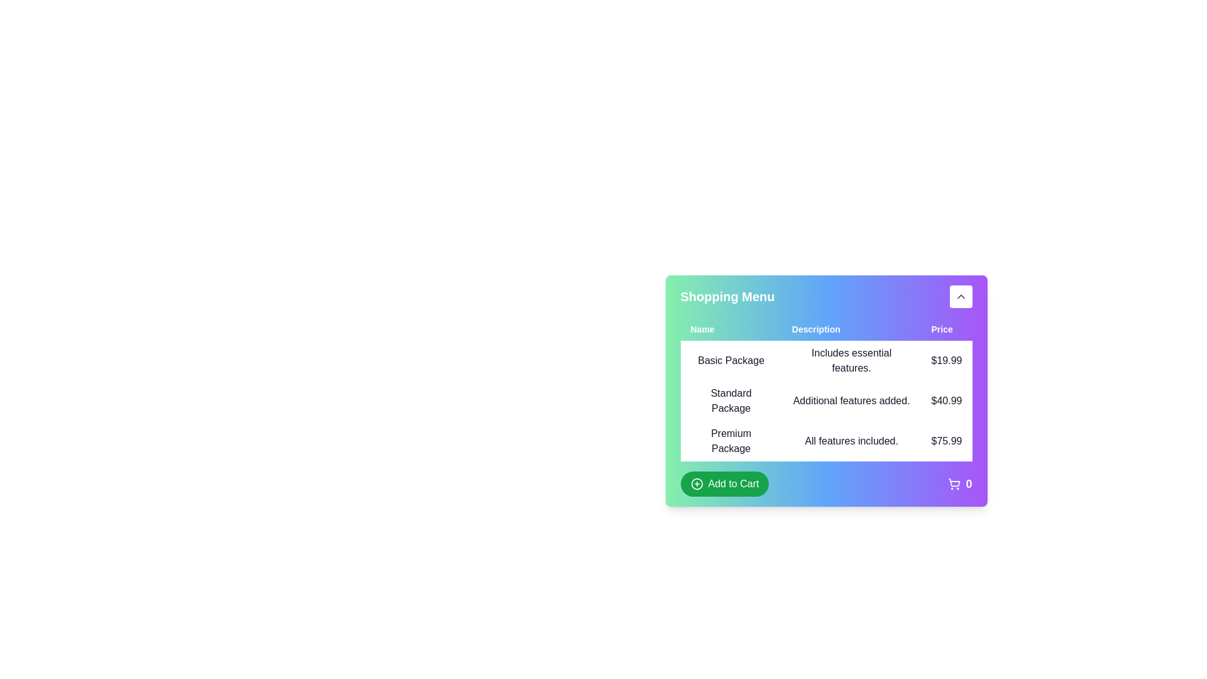 This screenshot has height=679, width=1207. What do you see at coordinates (960, 296) in the screenshot?
I see `the button located at the top-right corner of the 'Shopping Menu' section` at bounding box center [960, 296].